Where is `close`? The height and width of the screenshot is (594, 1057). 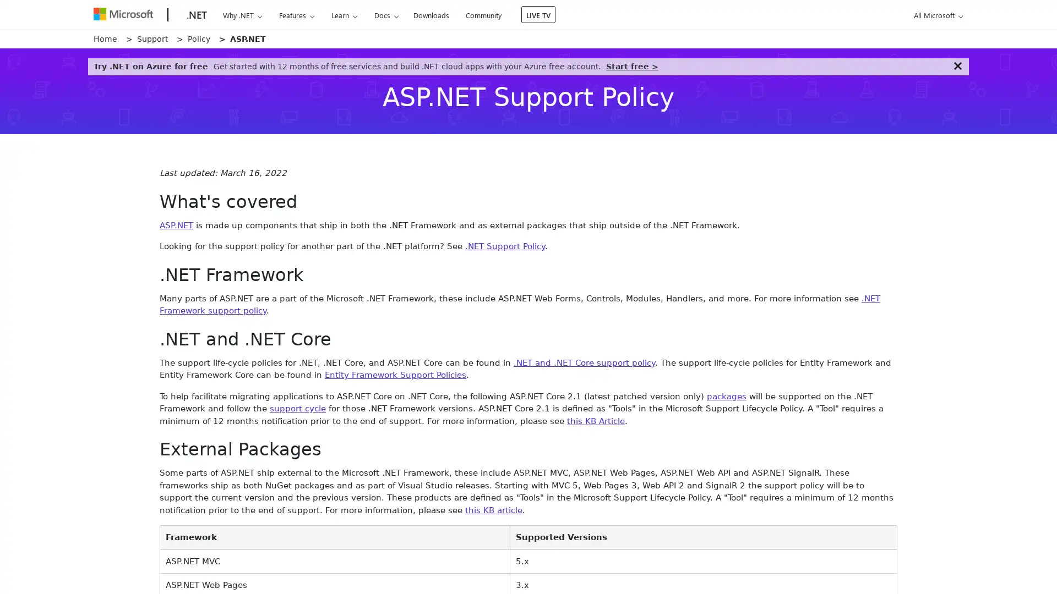
close is located at coordinates (957, 65).